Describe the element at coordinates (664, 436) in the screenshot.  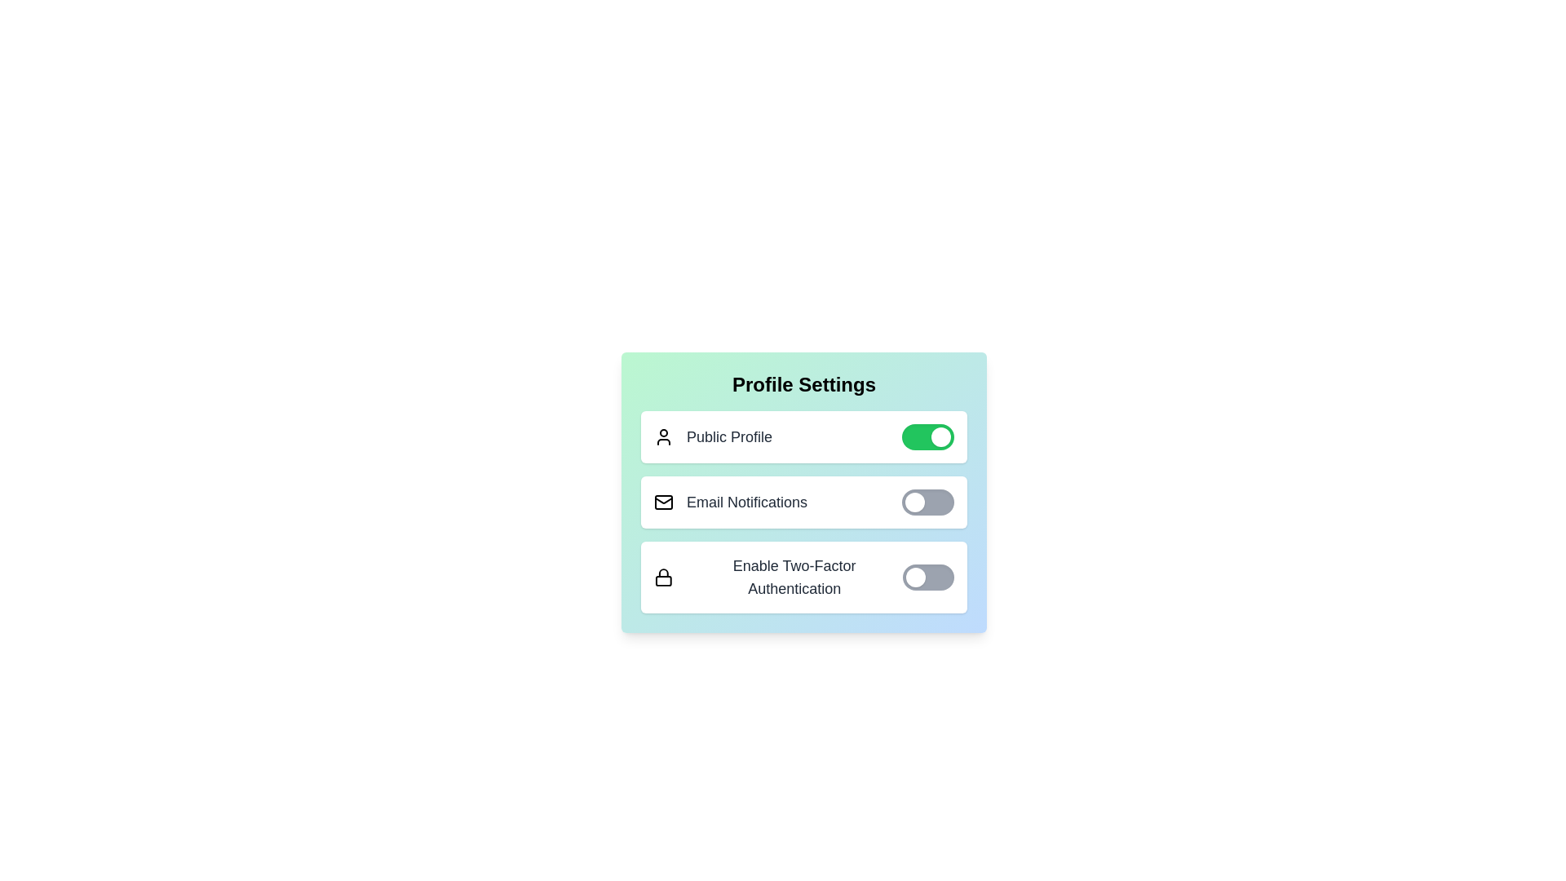
I see `the icon next to Public Profile to inspect it visually` at that location.